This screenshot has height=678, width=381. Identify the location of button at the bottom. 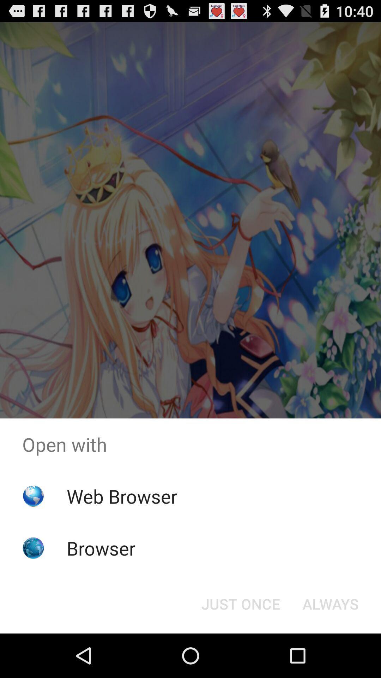
(240, 603).